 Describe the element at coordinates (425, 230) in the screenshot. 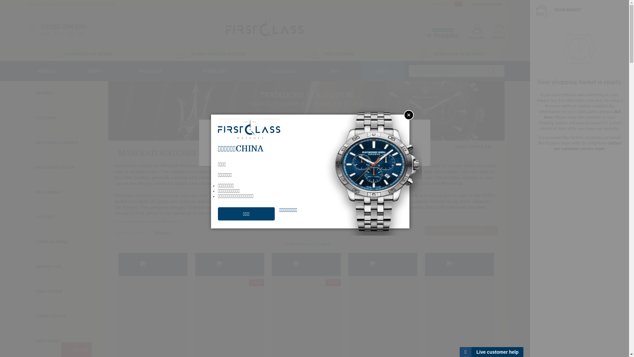

I see `'Click here to learn more'` at that location.